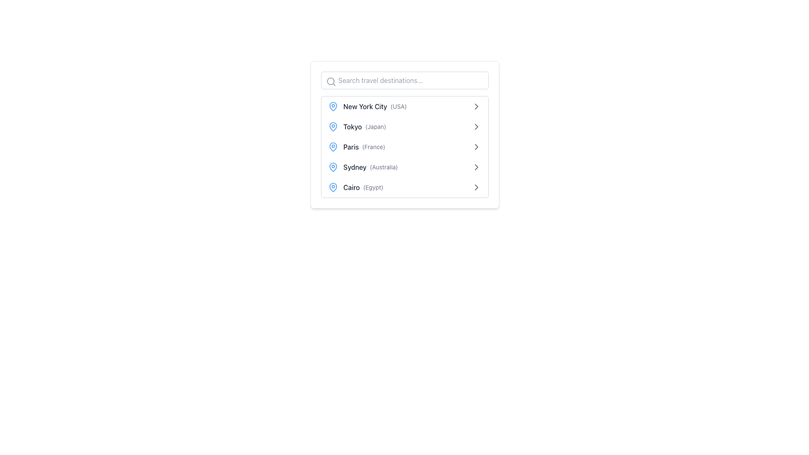  What do you see at coordinates (477, 146) in the screenshot?
I see `the small triangular arrow icon pointing to the right, located on the right side of the row containing the text 'Paris (France)'` at bounding box center [477, 146].